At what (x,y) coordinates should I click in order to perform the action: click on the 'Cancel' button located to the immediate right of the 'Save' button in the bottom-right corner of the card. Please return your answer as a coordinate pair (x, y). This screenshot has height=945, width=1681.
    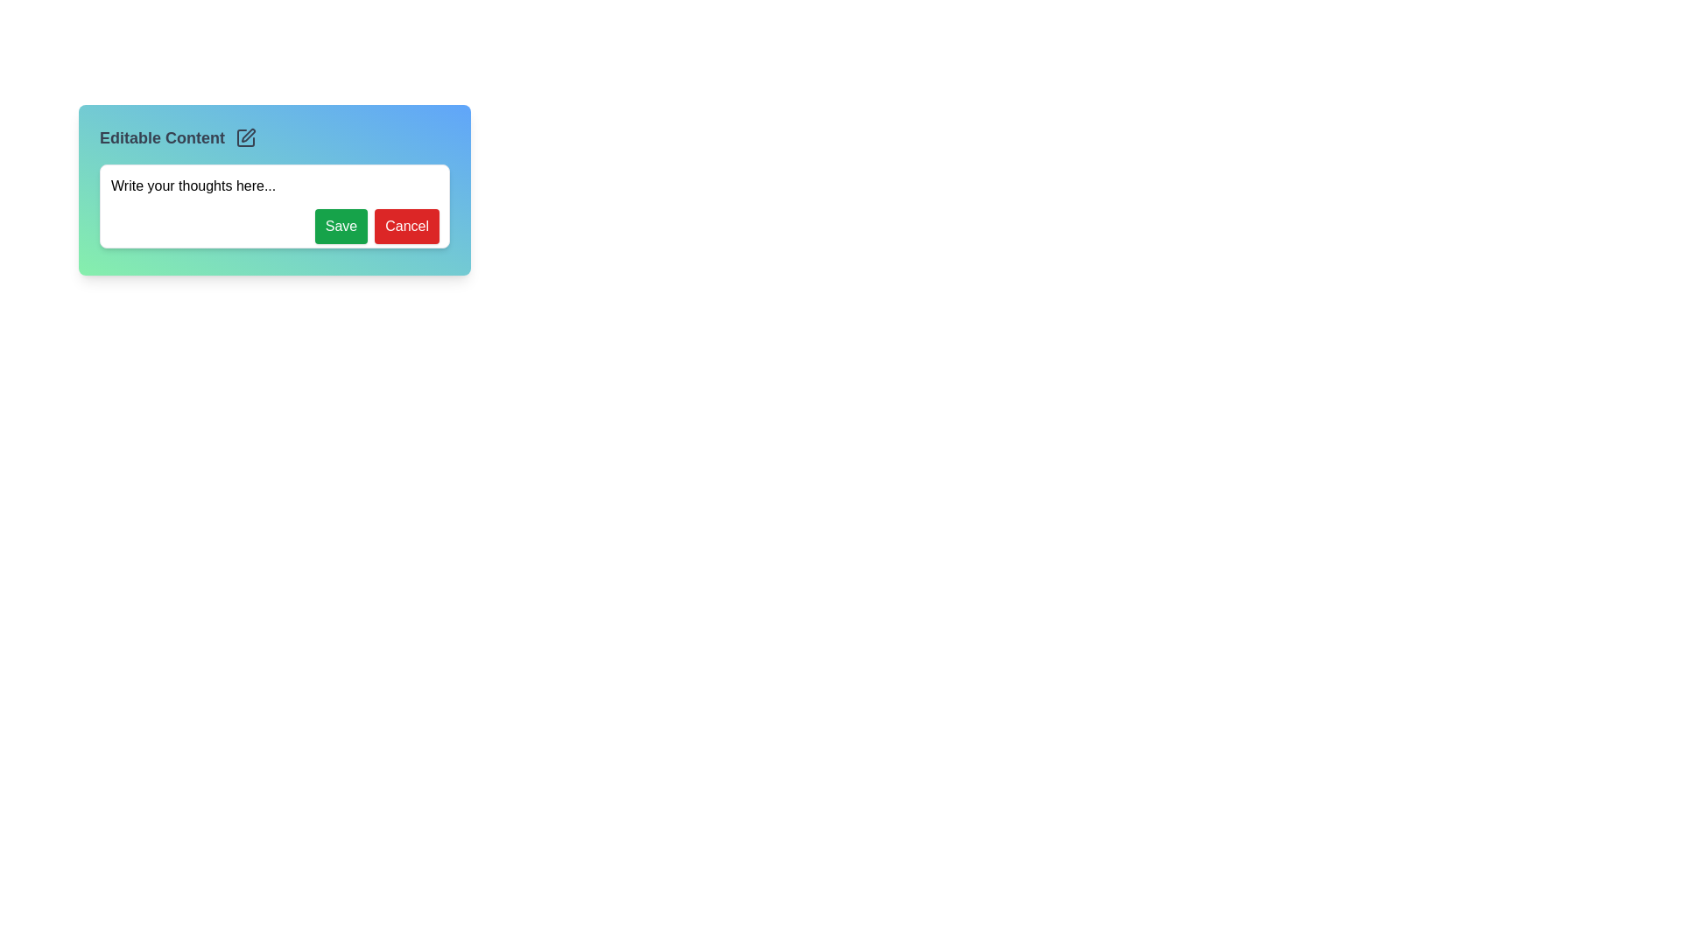
    Looking at the image, I should click on (406, 225).